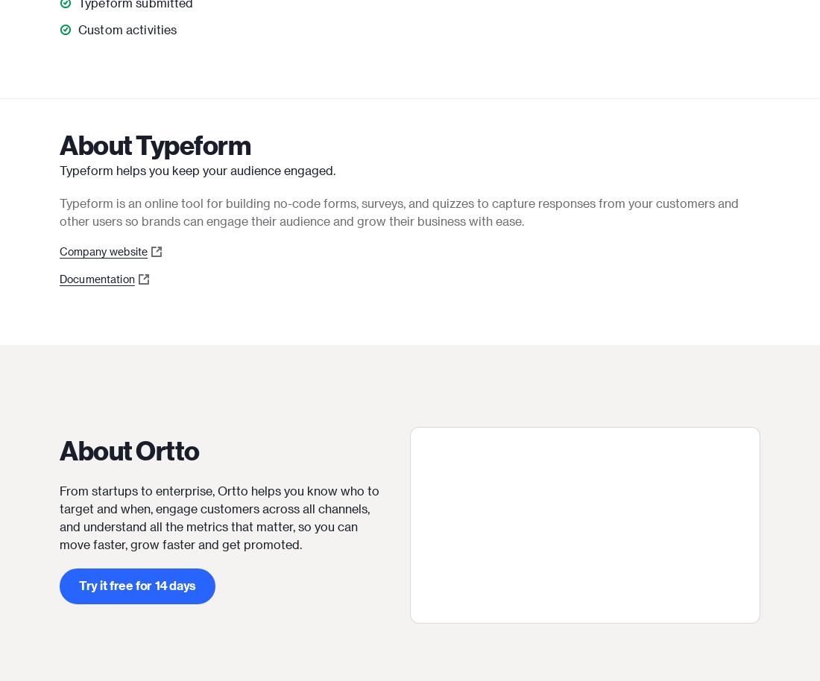 This screenshot has width=820, height=681. I want to click on 'About', so click(98, 145).